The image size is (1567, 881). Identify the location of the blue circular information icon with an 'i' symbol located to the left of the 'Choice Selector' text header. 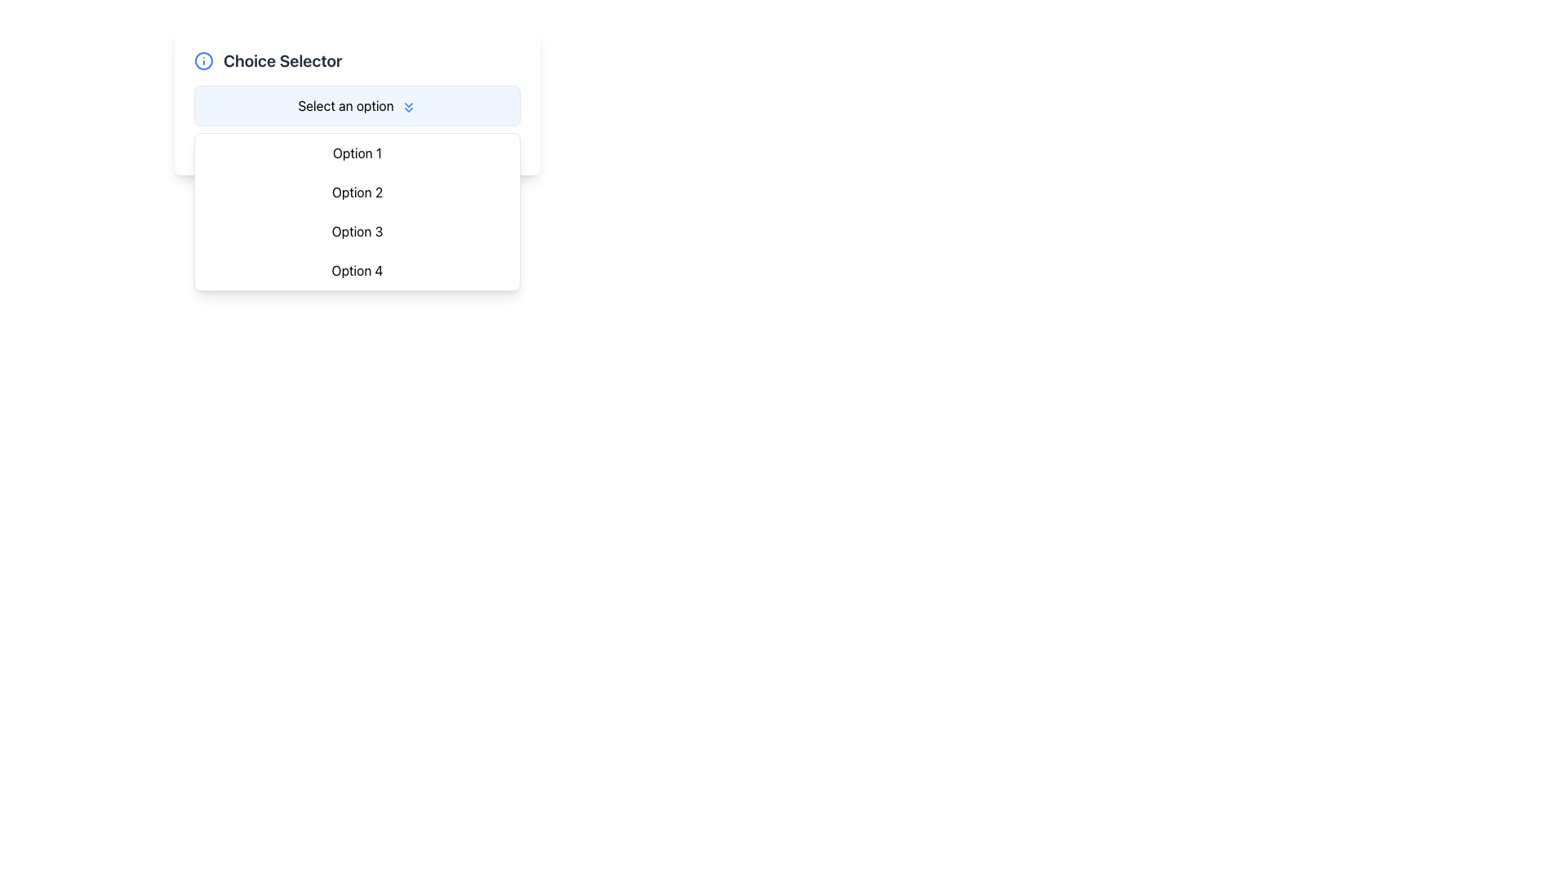
(202, 60).